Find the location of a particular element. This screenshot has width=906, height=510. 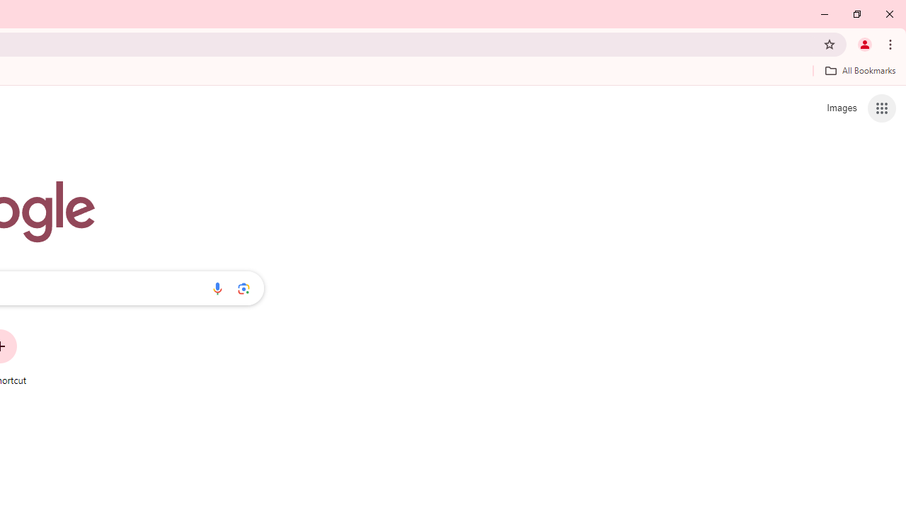

'Search by image' is located at coordinates (243, 288).